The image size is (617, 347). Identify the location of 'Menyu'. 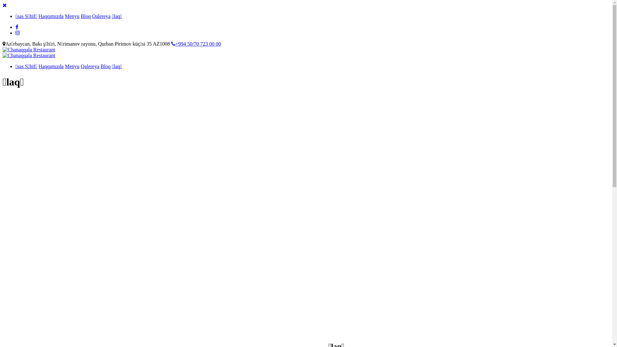
(72, 16).